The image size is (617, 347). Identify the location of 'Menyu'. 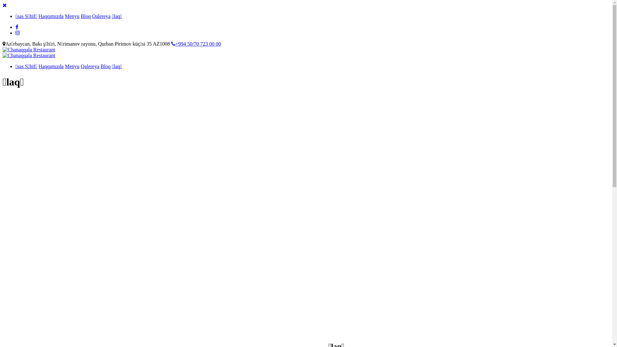
(72, 16).